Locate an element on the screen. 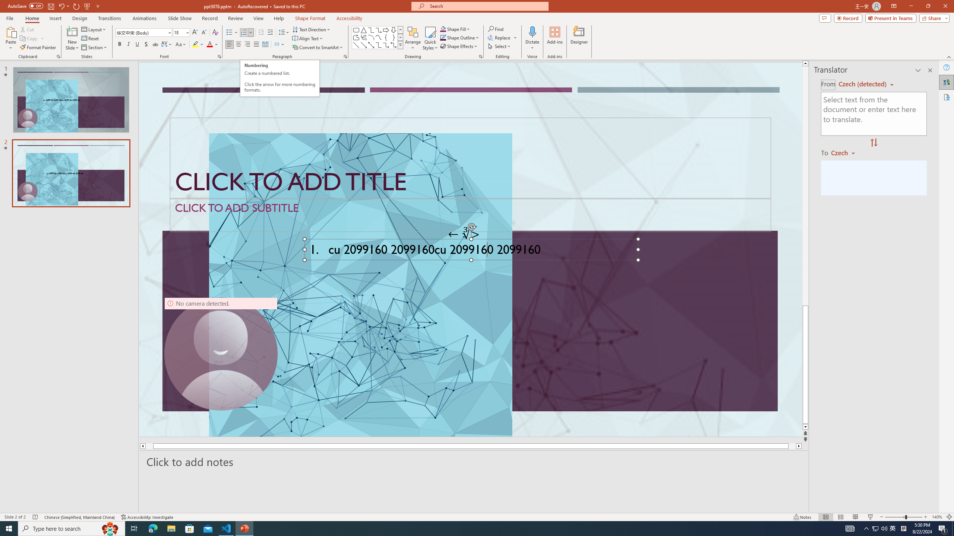 Image resolution: width=954 pixels, height=536 pixels. 'Connector: Elbow Double-Arrow' is located at coordinates (393, 44).